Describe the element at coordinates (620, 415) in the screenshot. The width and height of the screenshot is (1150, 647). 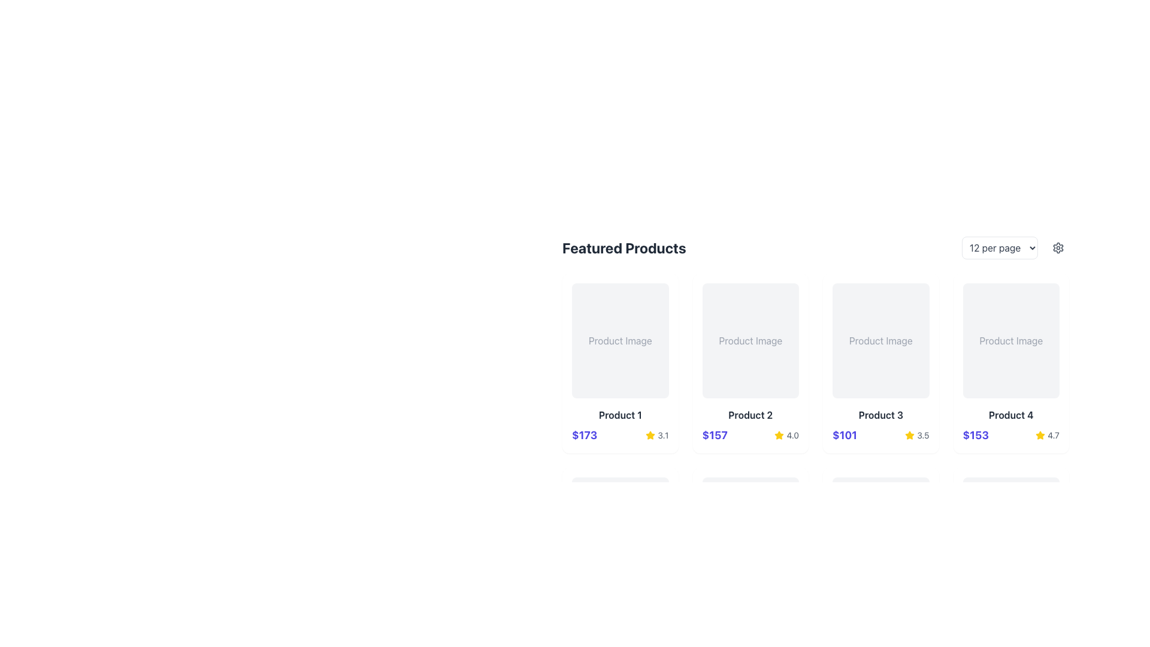
I see `the static text label that reads 'Product 1', which is styled with a bold font and dark color, located in the first card under 'Featured Products', positioned below the 'Product Image' and above the price label '$173'` at that location.